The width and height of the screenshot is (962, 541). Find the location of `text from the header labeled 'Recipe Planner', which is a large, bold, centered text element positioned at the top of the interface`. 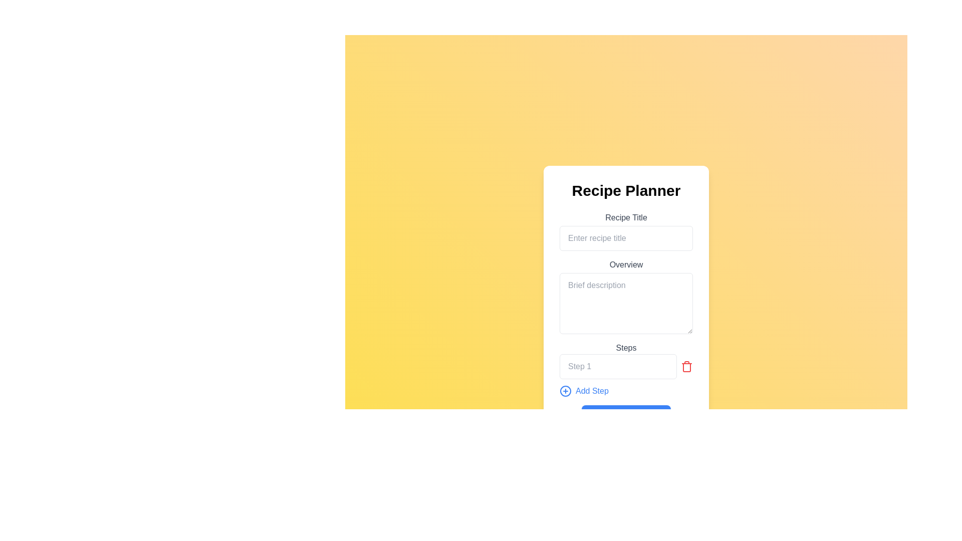

text from the header labeled 'Recipe Planner', which is a large, bold, centered text element positioned at the top of the interface is located at coordinates (625, 190).